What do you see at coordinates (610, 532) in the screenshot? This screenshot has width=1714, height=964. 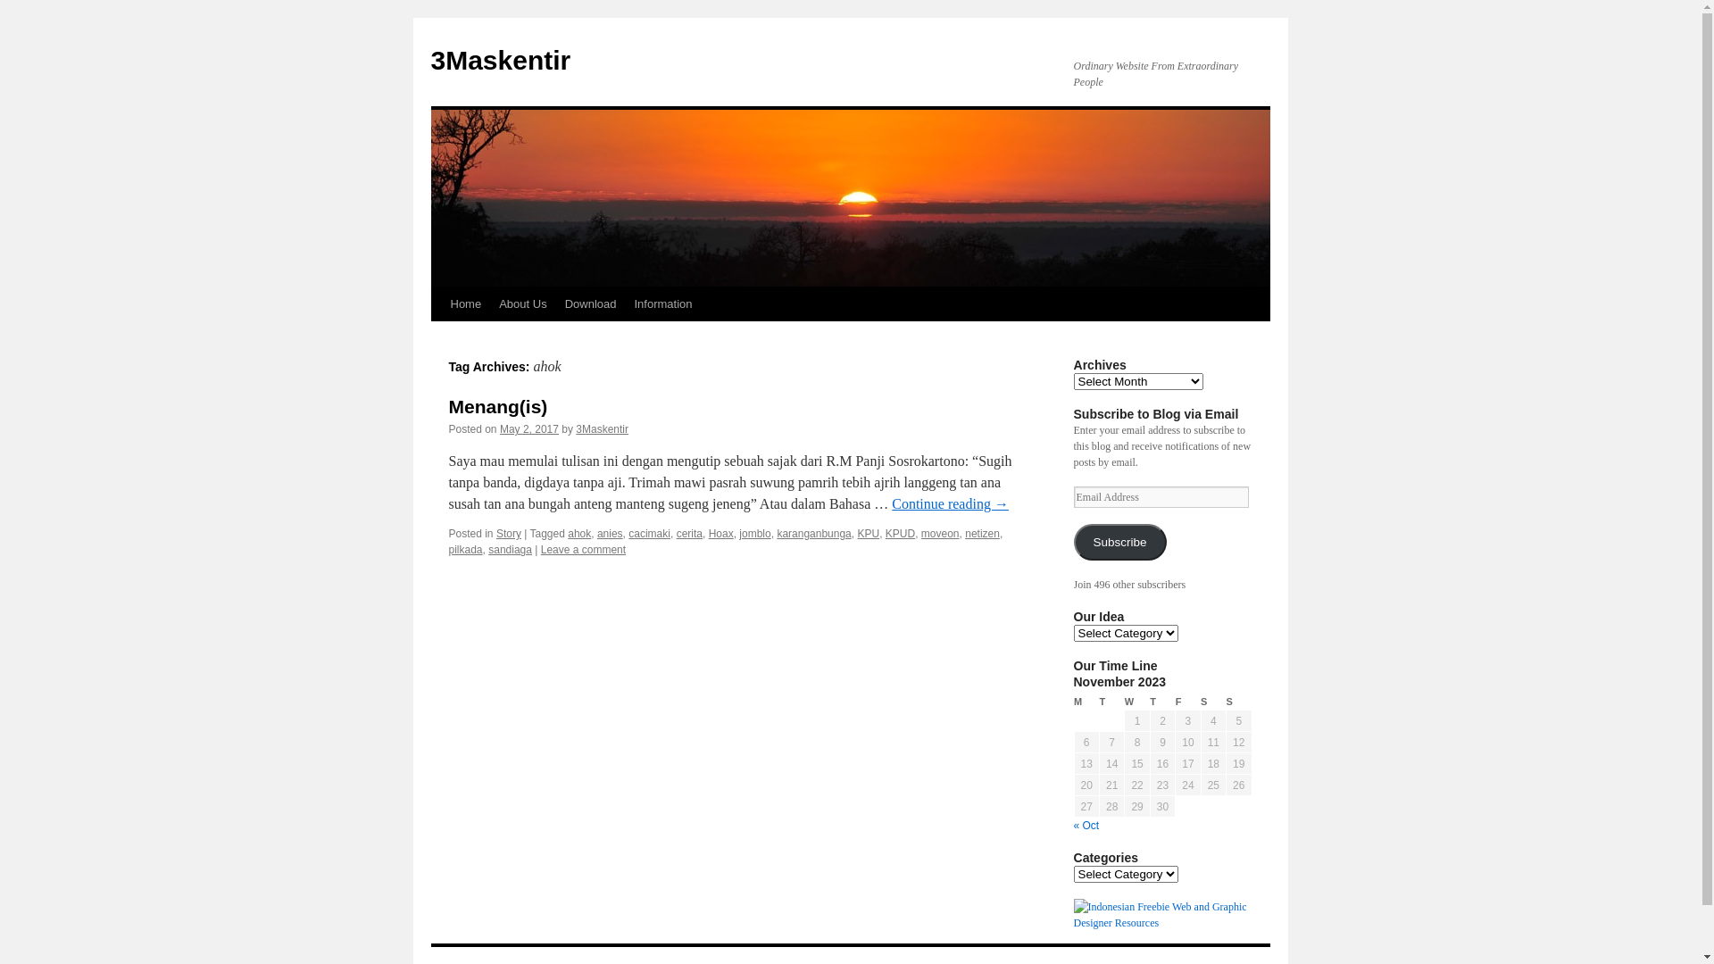 I see `'anies'` at bounding box center [610, 532].